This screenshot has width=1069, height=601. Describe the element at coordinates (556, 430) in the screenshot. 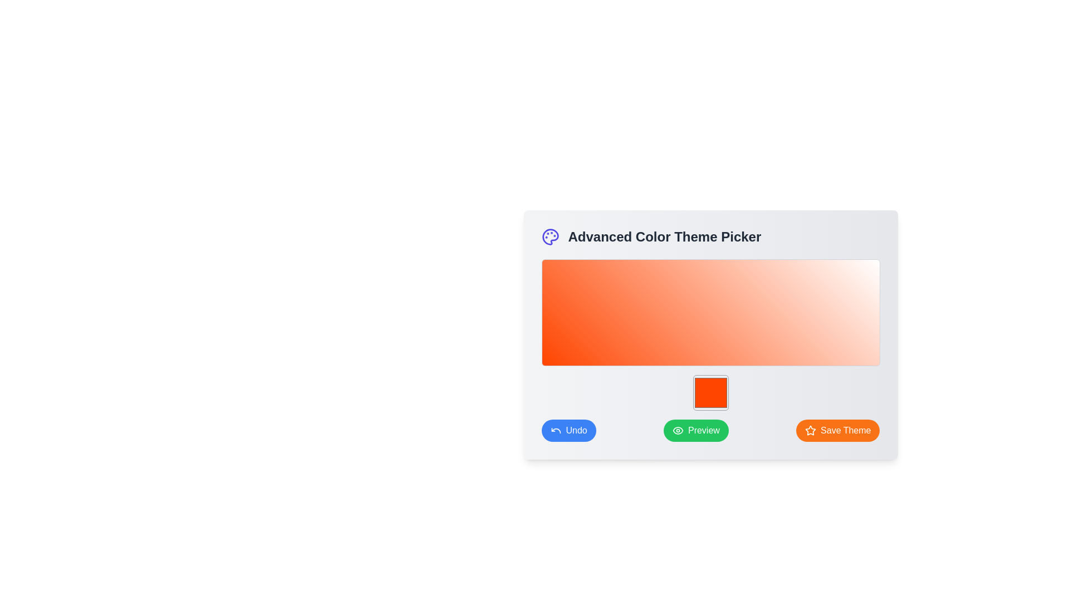

I see `the small, rounded blue icon resembling an undo arrow, which is located within the 'Undo' button` at that location.